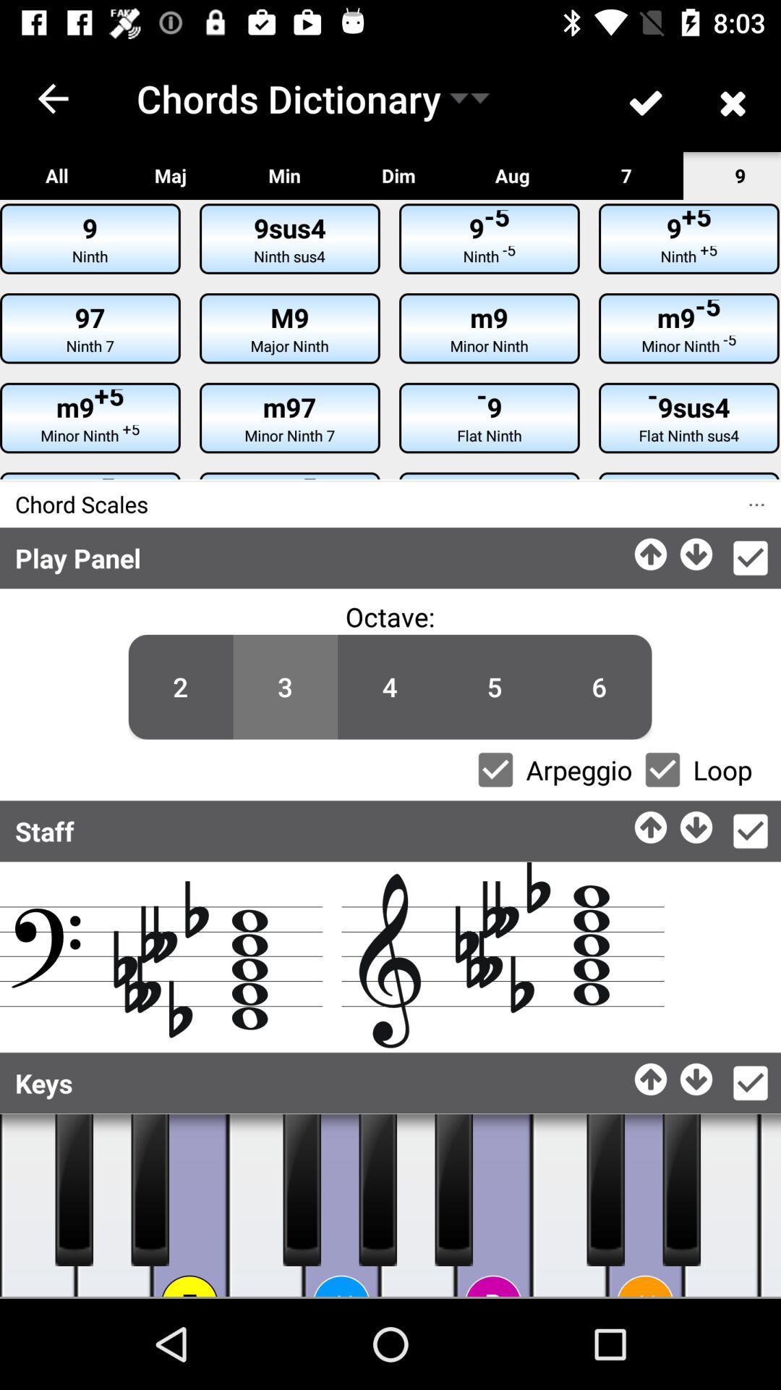  What do you see at coordinates (417, 1205) in the screenshot?
I see `keybord` at bounding box center [417, 1205].